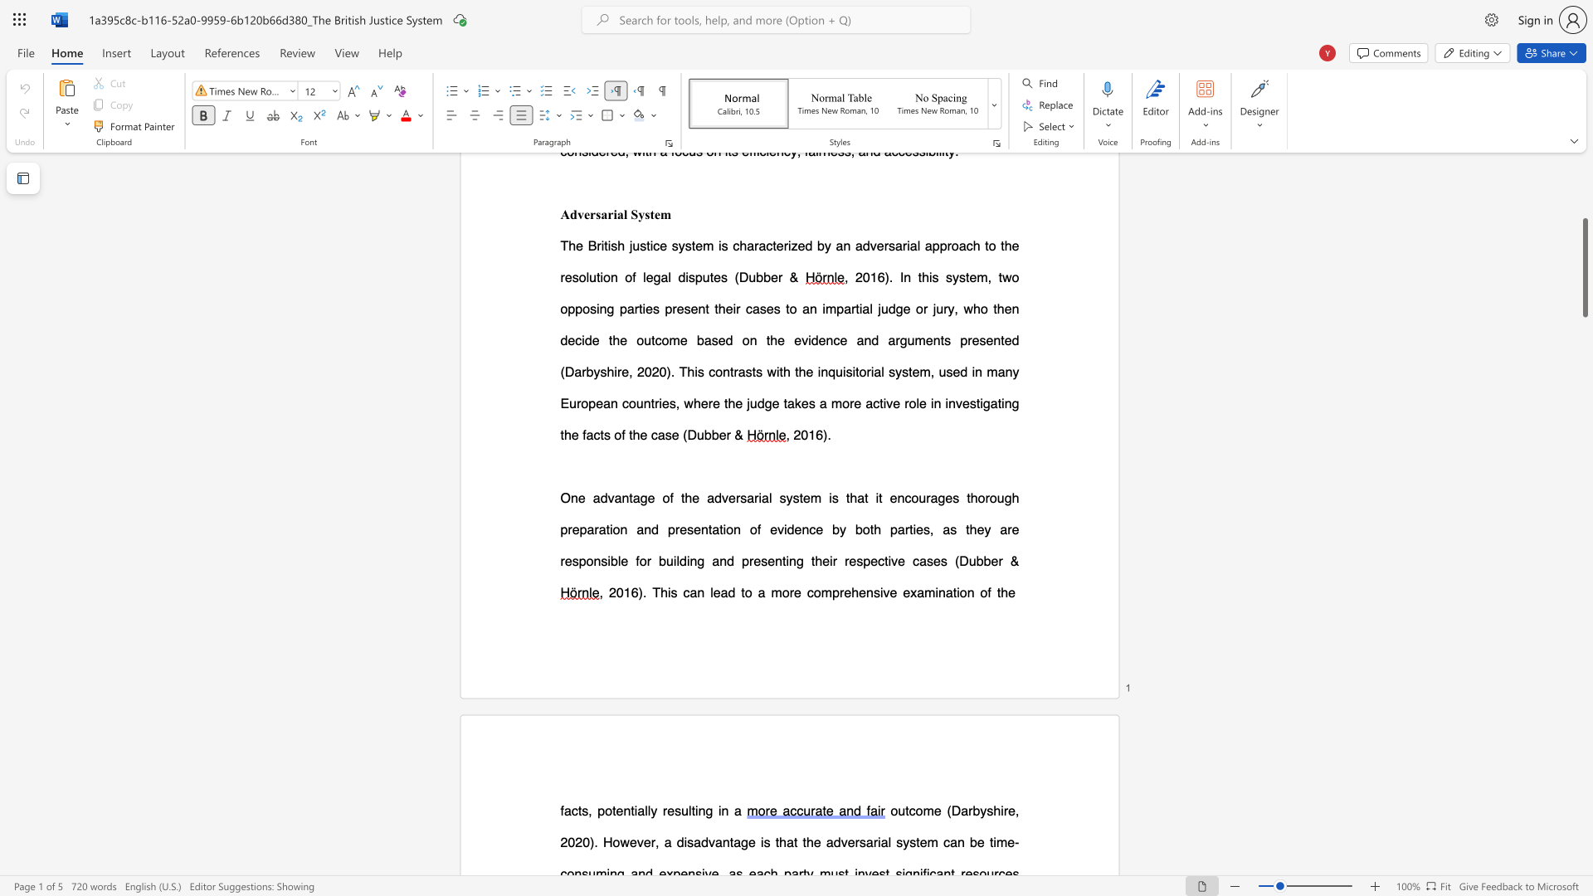 Image resolution: width=1593 pixels, height=896 pixels. I want to click on the 2th character "r" in the text, so click(755, 497).